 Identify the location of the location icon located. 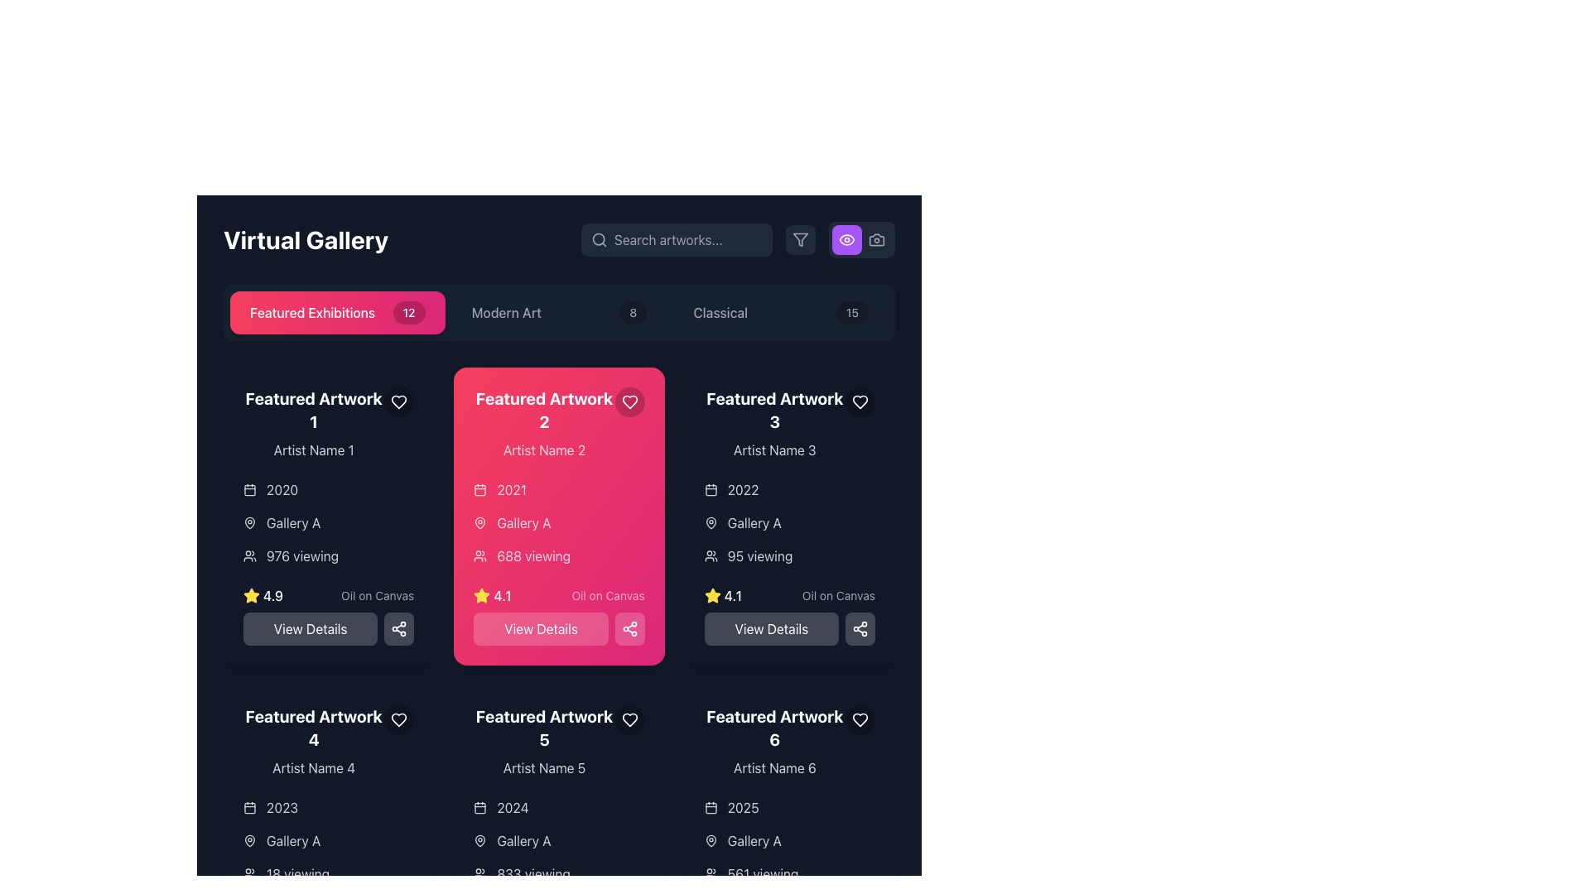
(711, 840).